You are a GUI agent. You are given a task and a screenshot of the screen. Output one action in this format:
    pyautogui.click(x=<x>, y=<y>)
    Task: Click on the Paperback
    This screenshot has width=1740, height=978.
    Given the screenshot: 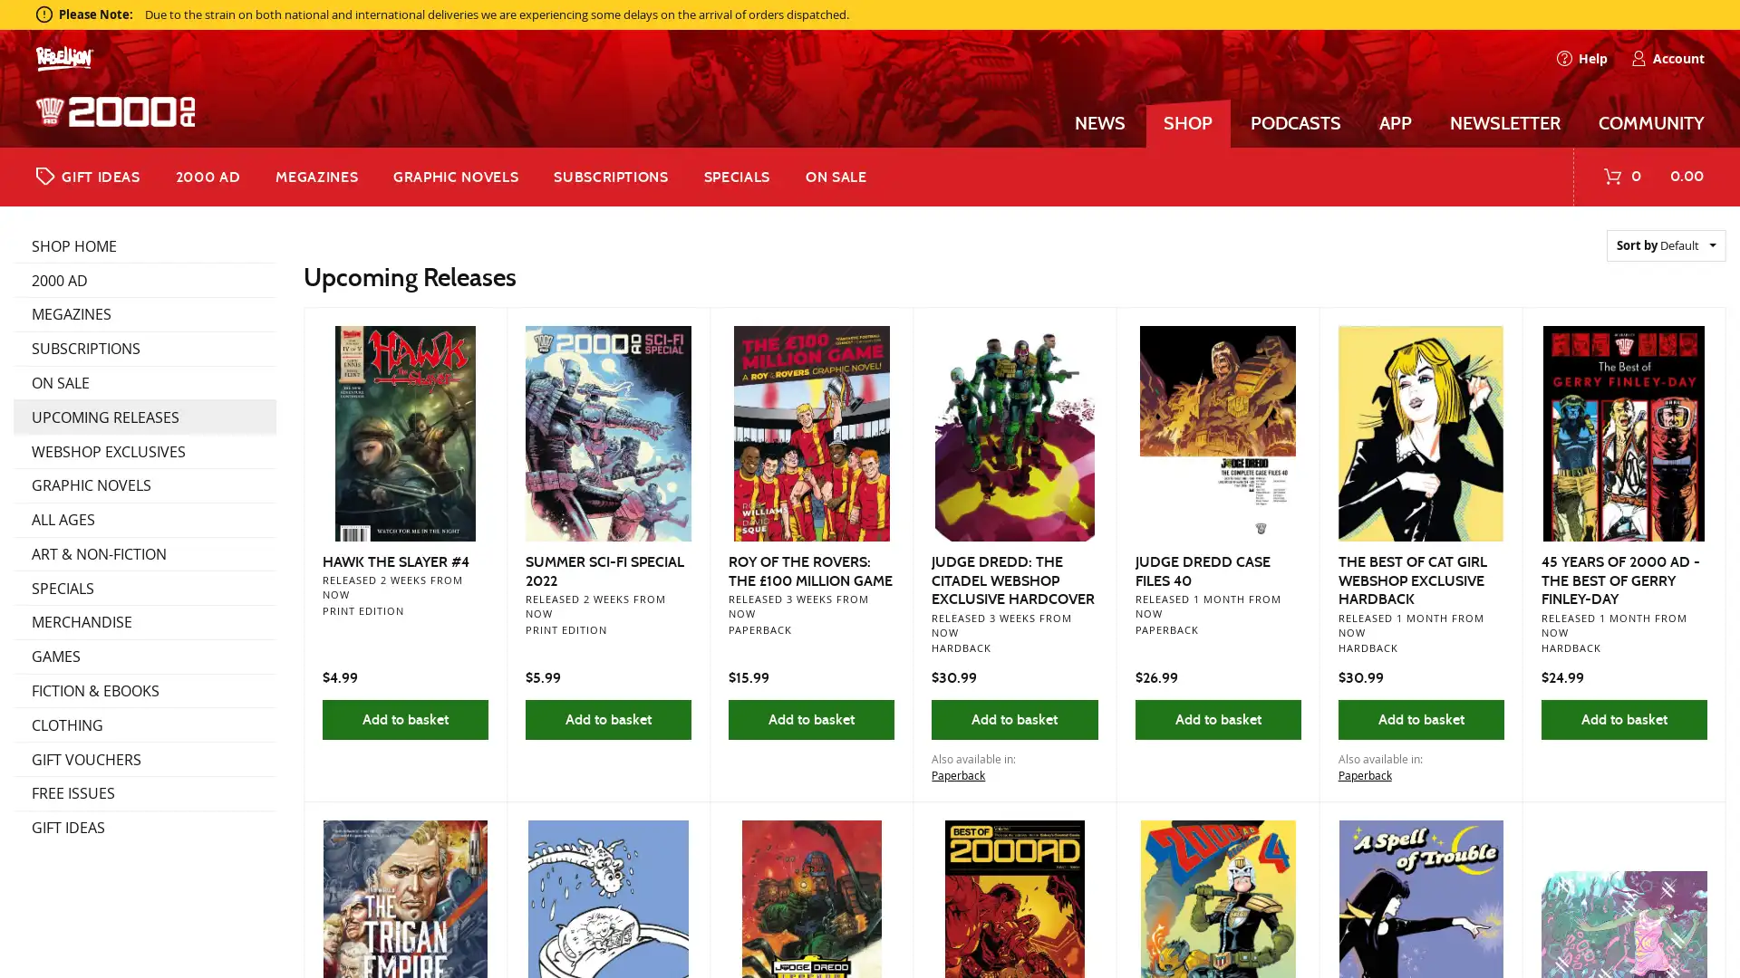 What is the action you would take?
    pyautogui.click(x=1364, y=774)
    